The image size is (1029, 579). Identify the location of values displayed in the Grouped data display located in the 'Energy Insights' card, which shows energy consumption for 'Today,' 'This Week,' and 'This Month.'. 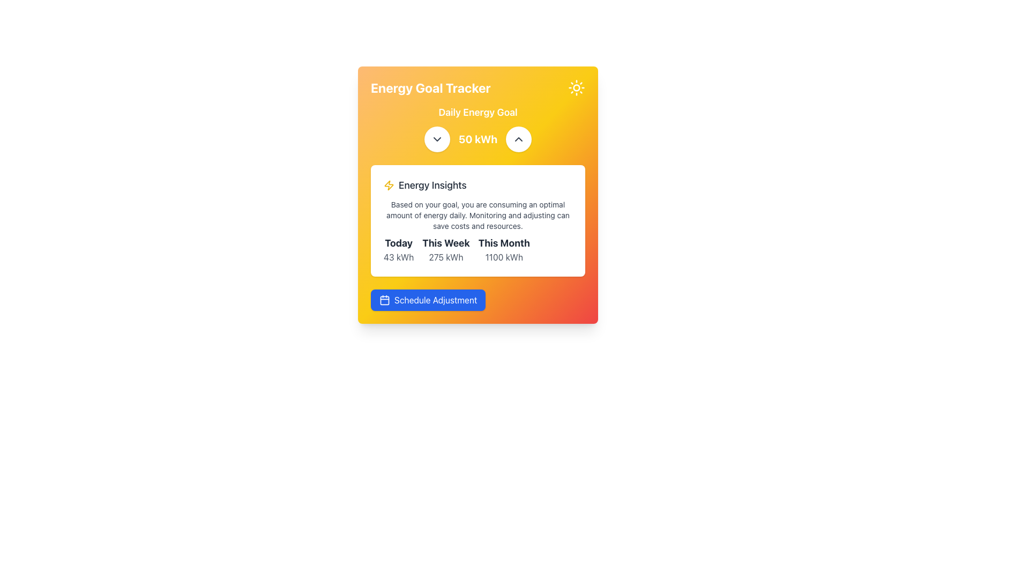
(478, 250).